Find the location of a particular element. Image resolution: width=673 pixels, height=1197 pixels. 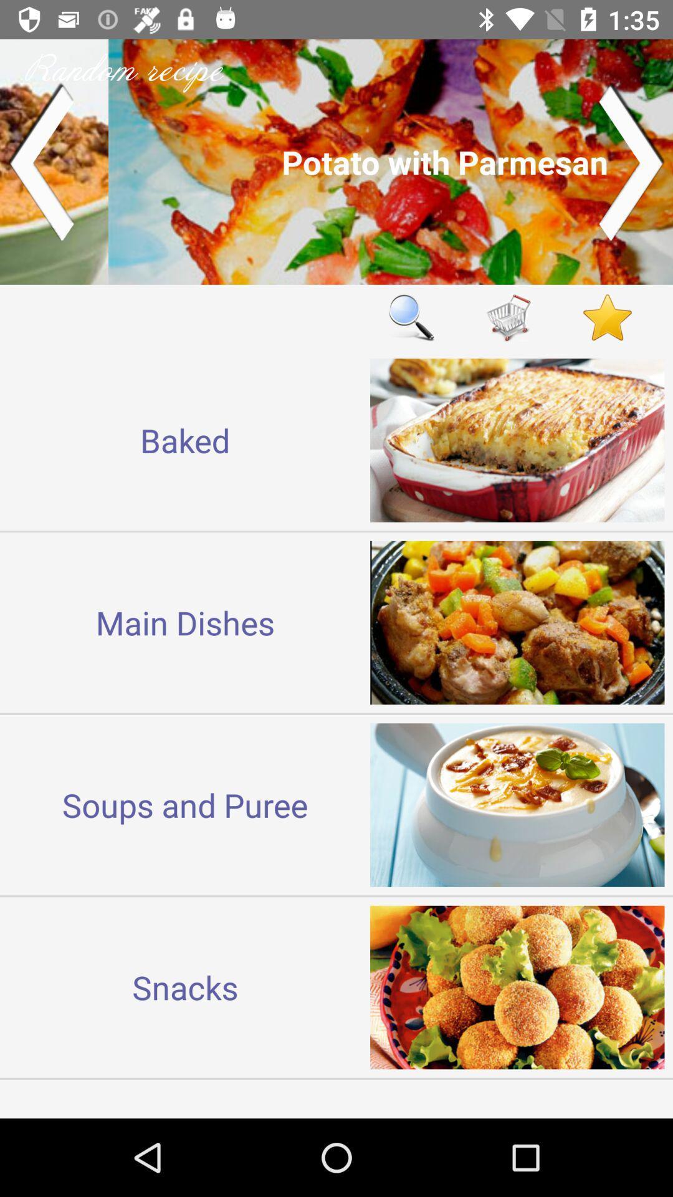

the icon above the main dishes is located at coordinates (185, 440).